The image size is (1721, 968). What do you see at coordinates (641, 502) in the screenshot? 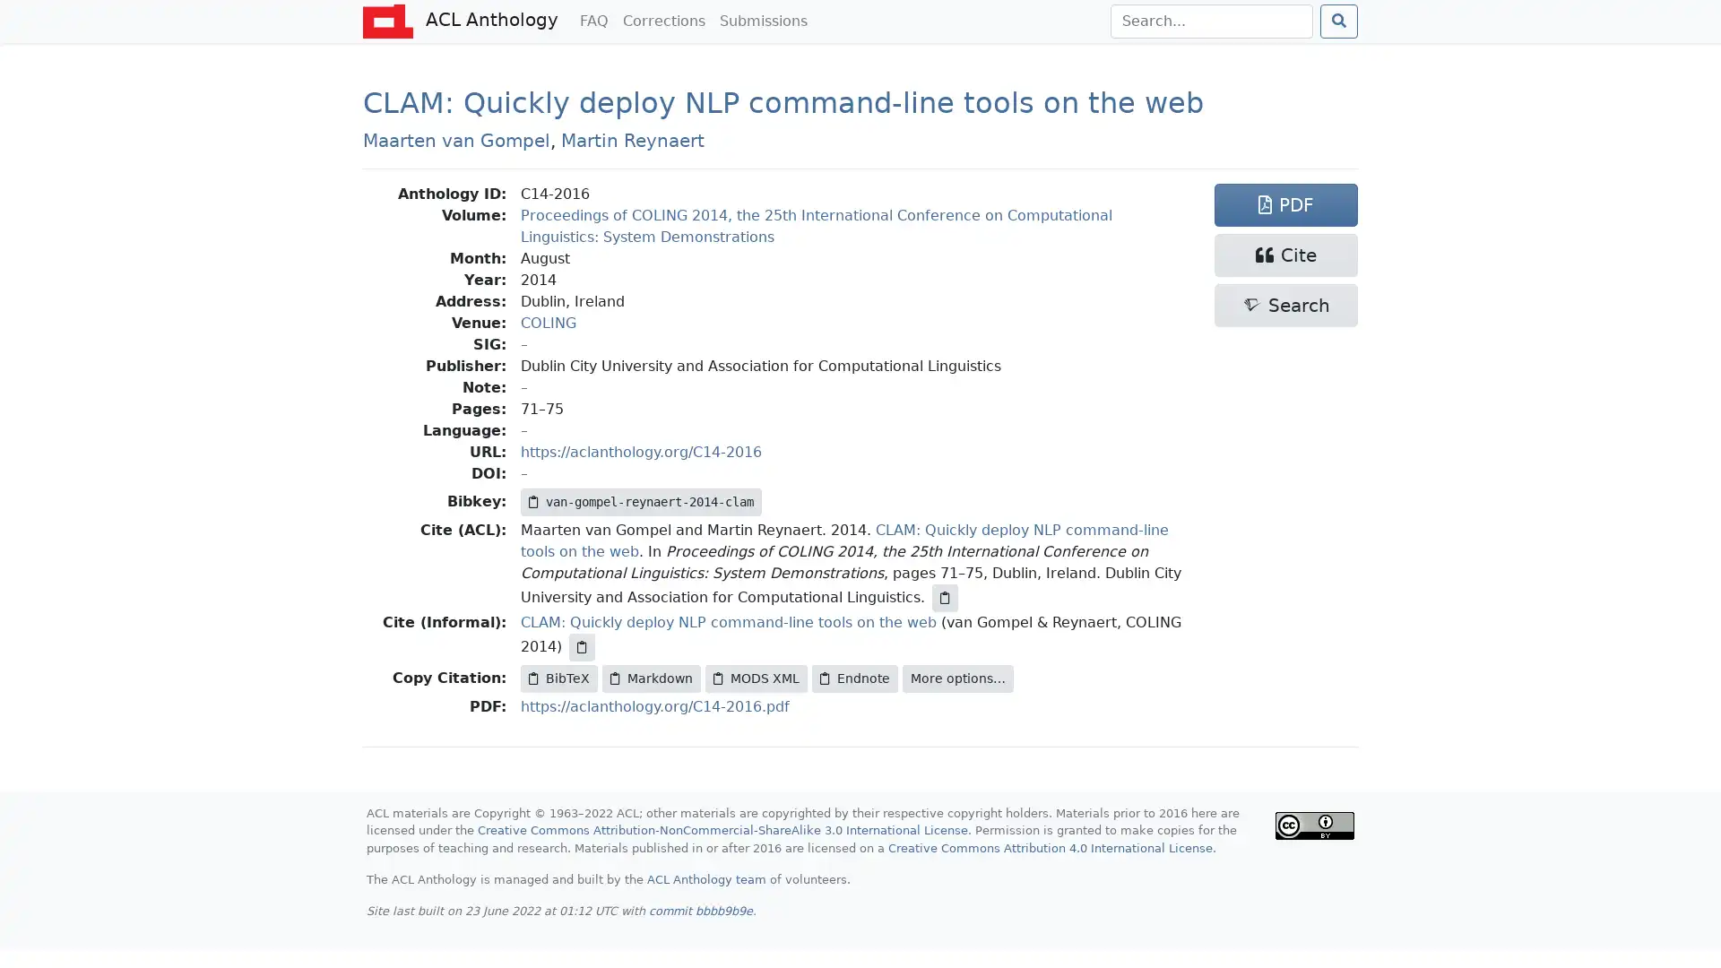
I see `van-gompel-reynaert-2014-clam` at bounding box center [641, 502].